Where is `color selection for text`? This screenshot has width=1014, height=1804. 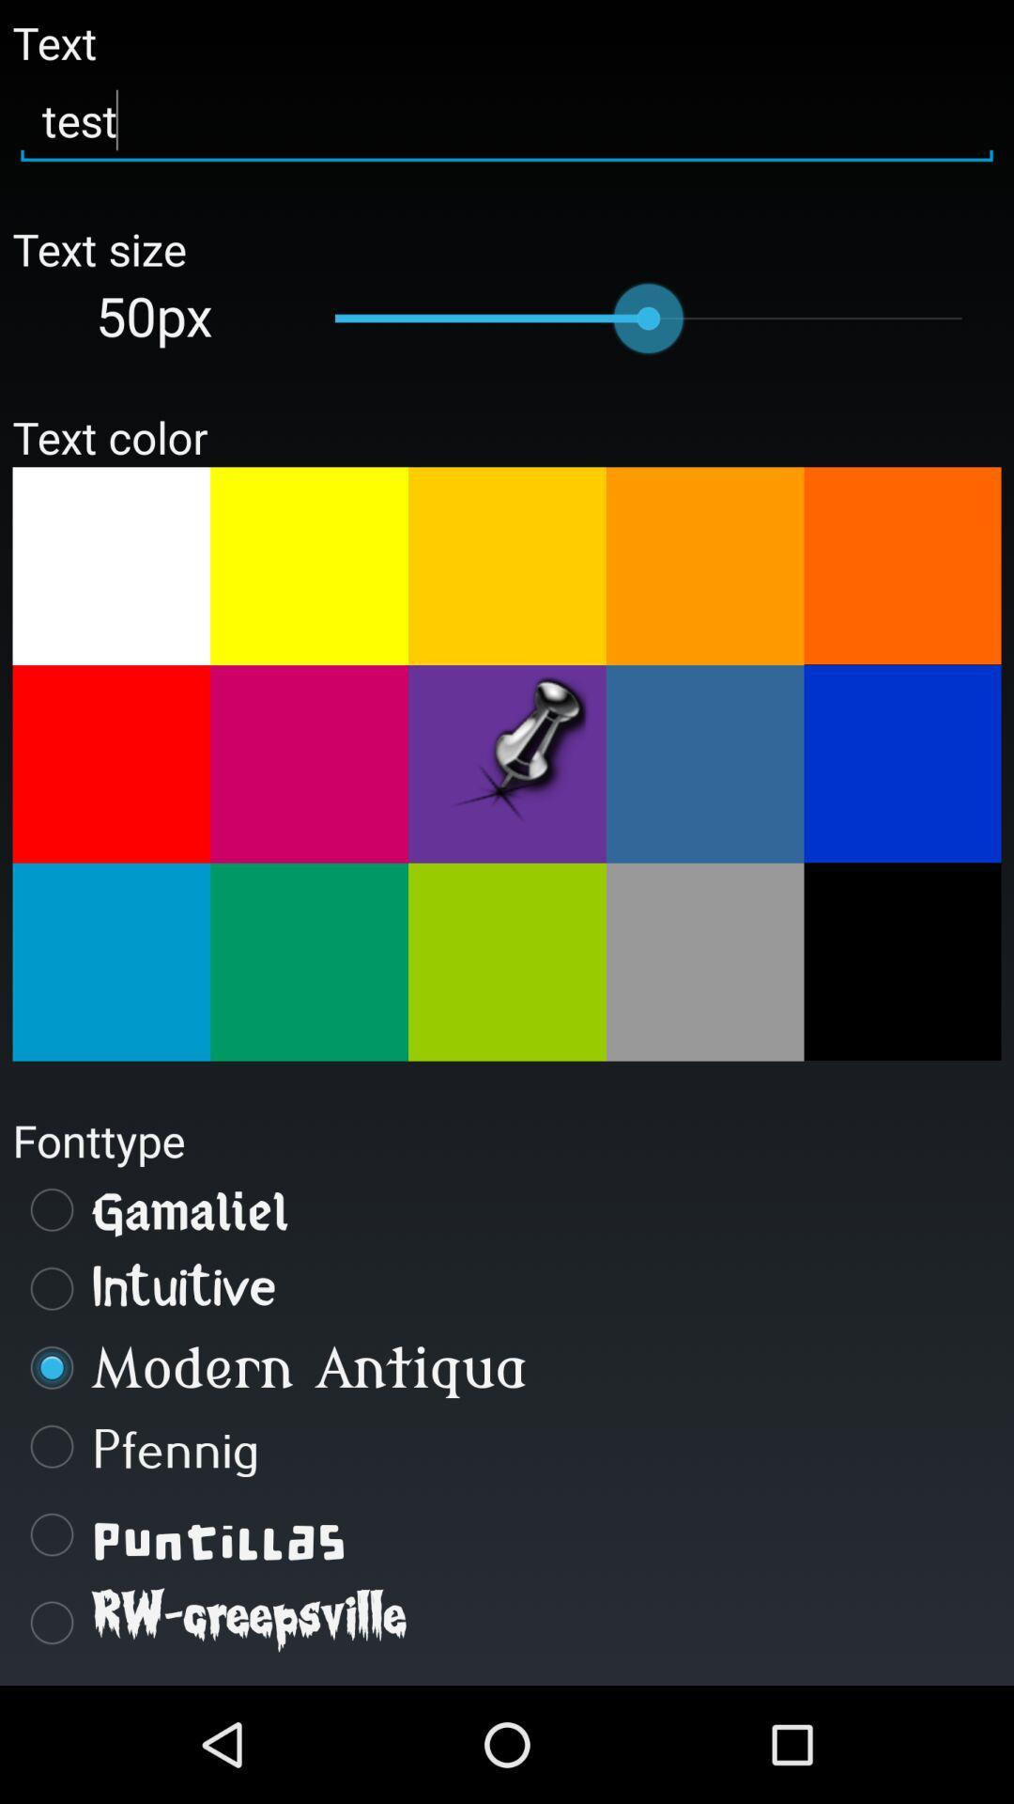
color selection for text is located at coordinates (308, 565).